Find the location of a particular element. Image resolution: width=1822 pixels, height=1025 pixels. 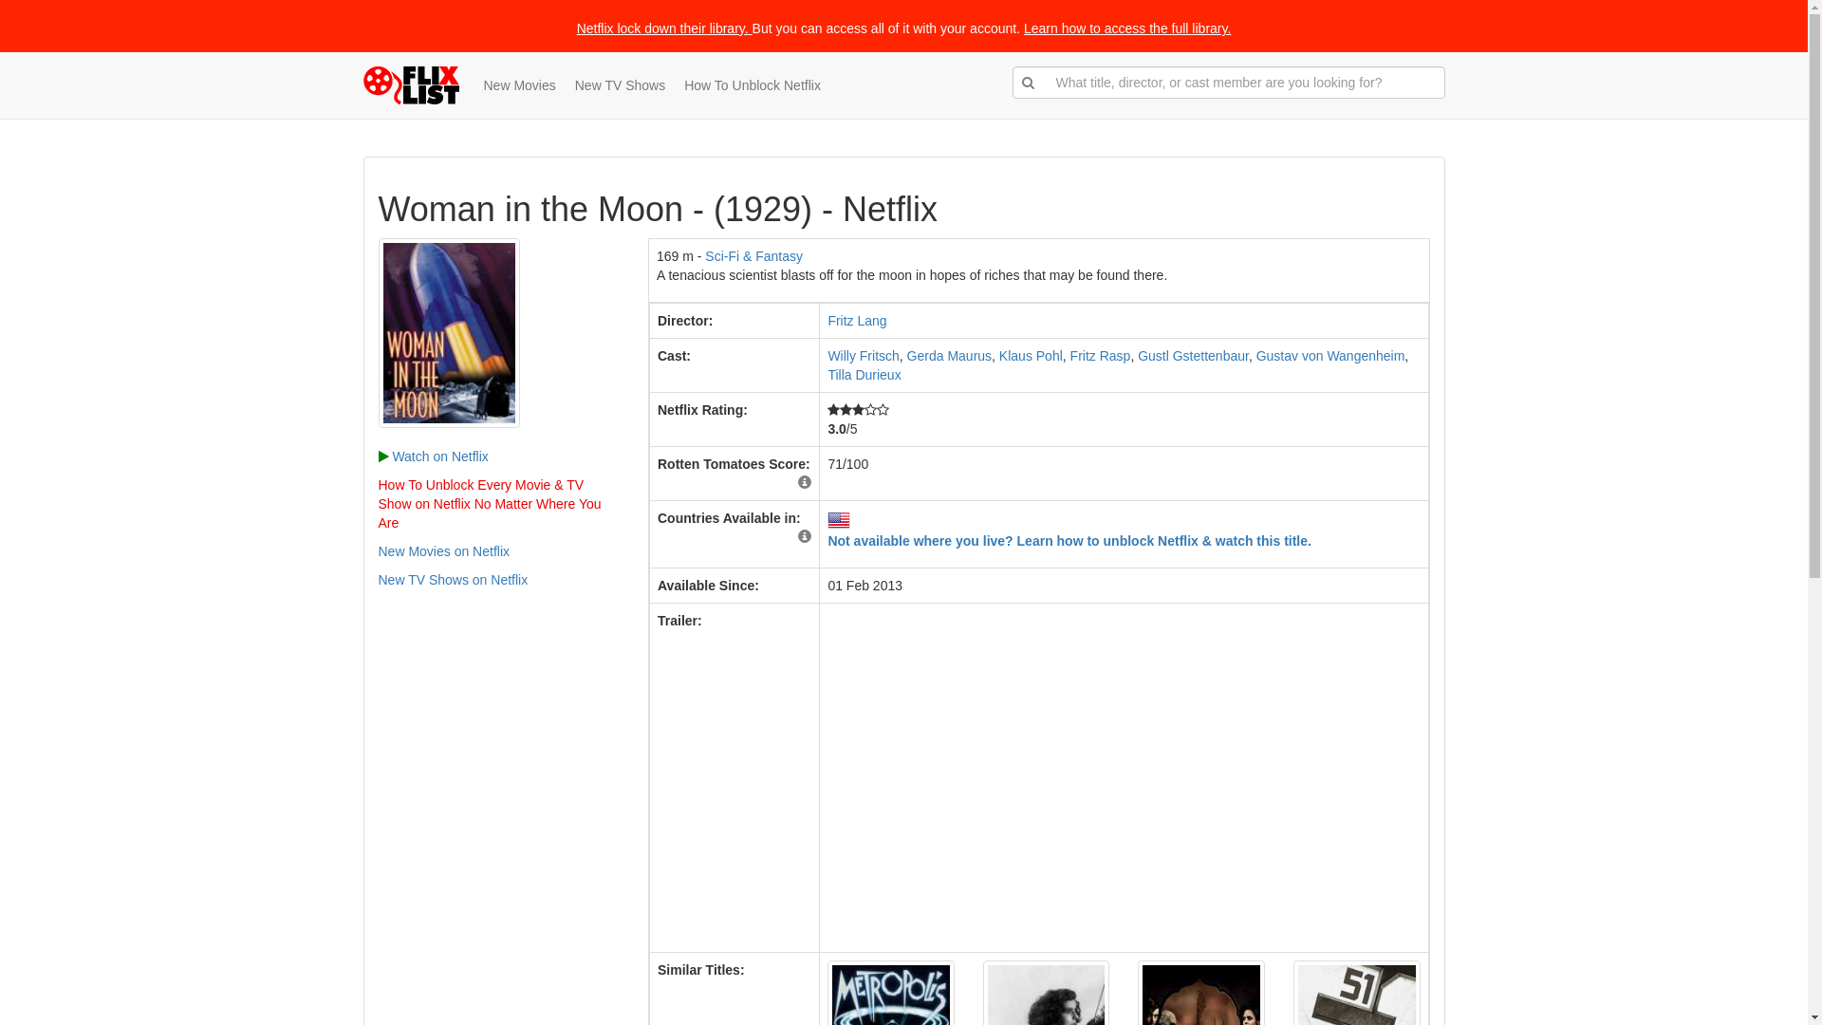

'Learn how to access the full library.' is located at coordinates (1127, 28).